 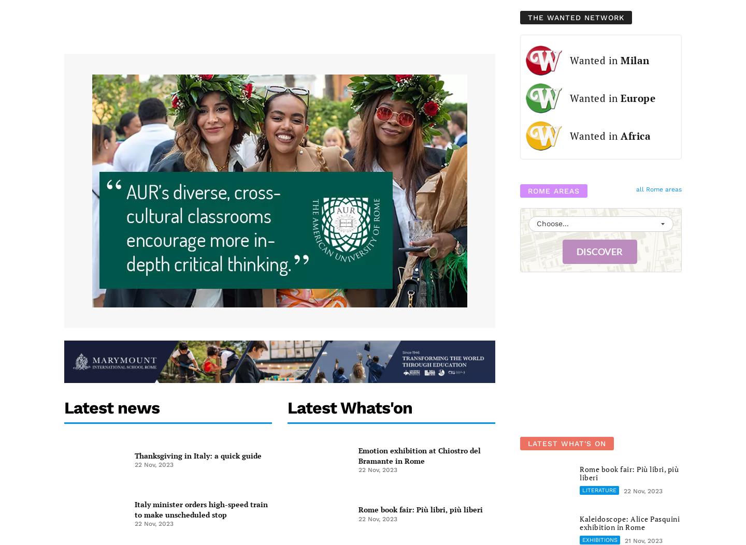 I want to click on 'Emotion exhibition at Chiostro del Bramante in Rome', so click(x=419, y=455).